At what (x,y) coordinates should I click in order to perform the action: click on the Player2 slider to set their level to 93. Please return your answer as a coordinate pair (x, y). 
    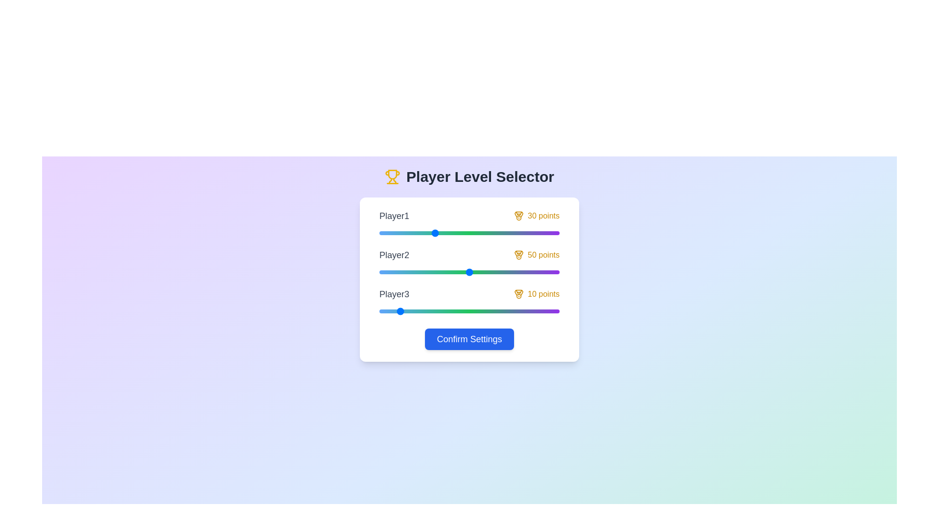
    Looking at the image, I should click on (546, 272).